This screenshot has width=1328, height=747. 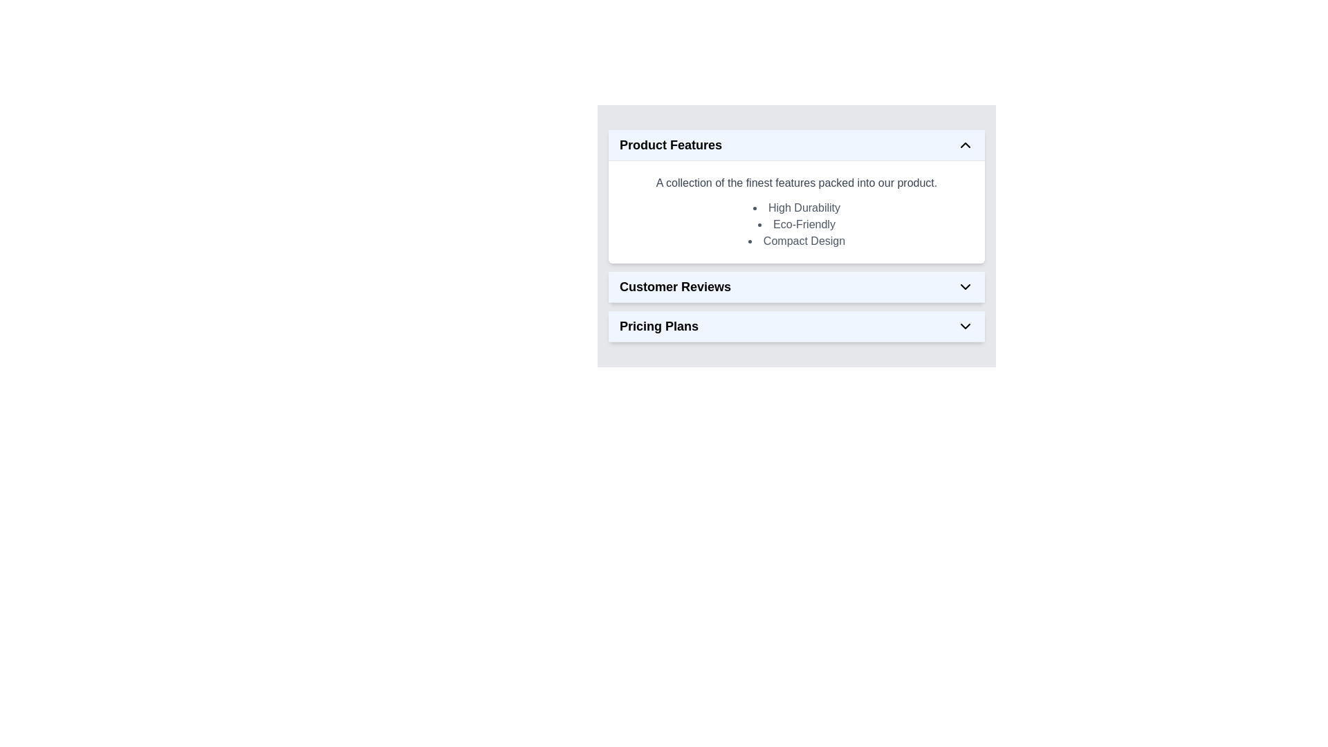 What do you see at coordinates (965, 326) in the screenshot?
I see `the downward-pointing chevron icon located at the right end of the 'Pricing Plans' row` at bounding box center [965, 326].